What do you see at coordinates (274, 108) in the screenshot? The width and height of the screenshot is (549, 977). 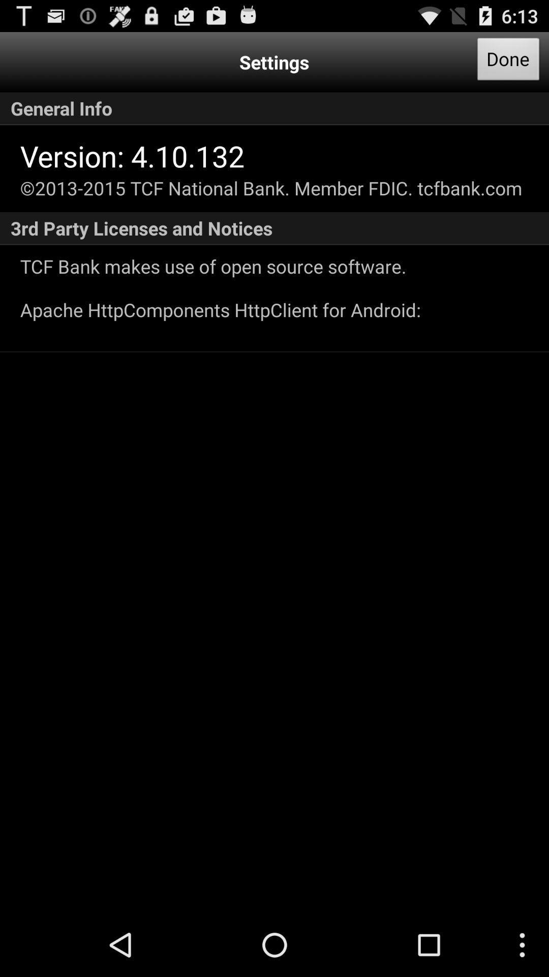 I see `the general info app` at bounding box center [274, 108].